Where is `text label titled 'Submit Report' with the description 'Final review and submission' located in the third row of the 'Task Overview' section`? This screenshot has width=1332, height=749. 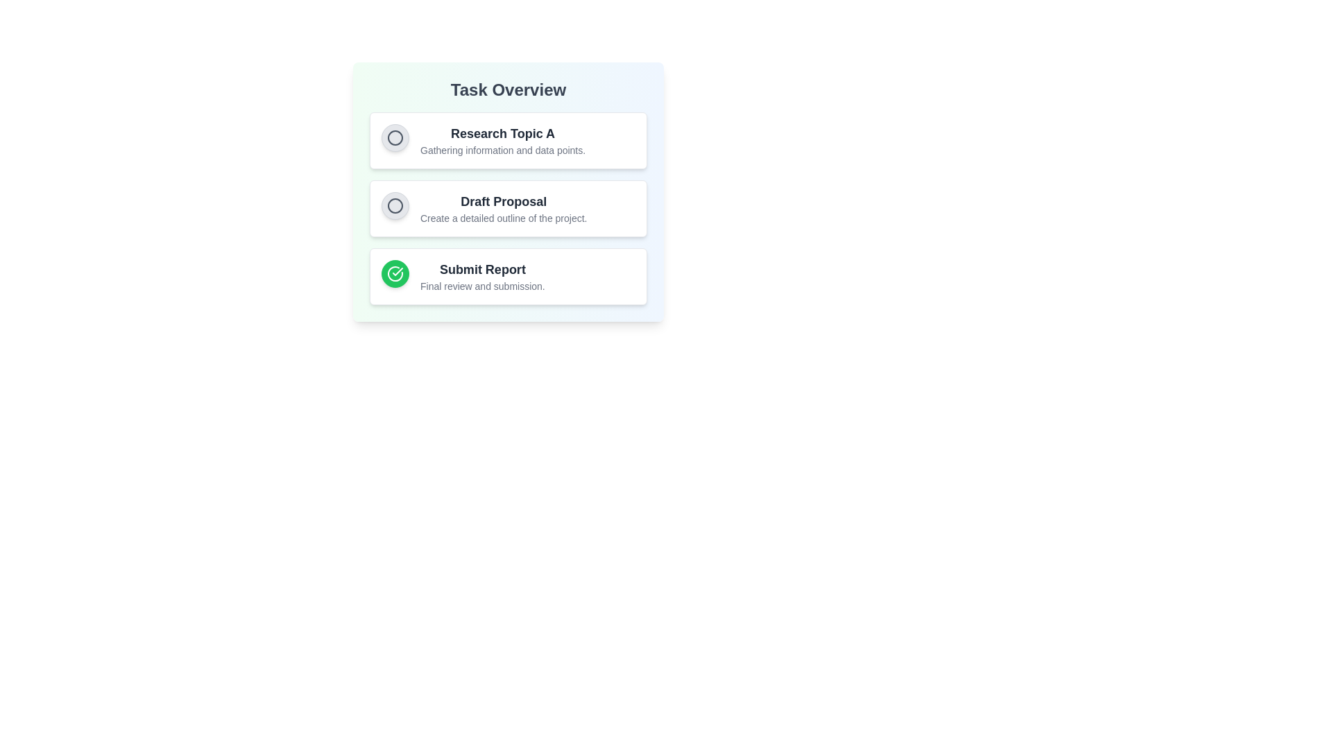
text label titled 'Submit Report' with the description 'Final review and submission' located in the third row of the 'Task Overview' section is located at coordinates (482, 276).